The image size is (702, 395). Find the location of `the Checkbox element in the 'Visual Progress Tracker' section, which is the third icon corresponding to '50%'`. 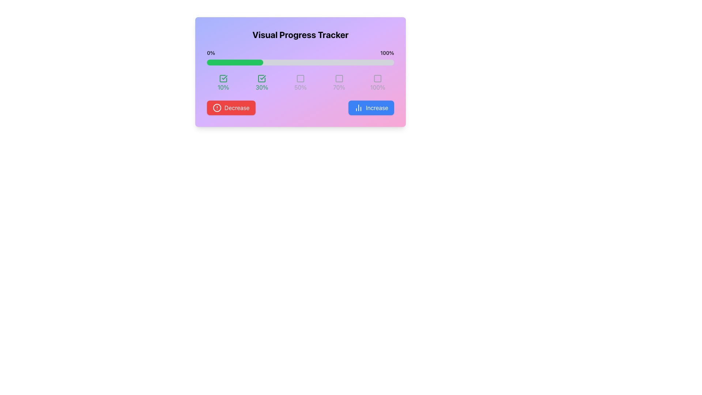

the Checkbox element in the 'Visual Progress Tracker' section, which is the third icon corresponding to '50%' is located at coordinates (300, 79).